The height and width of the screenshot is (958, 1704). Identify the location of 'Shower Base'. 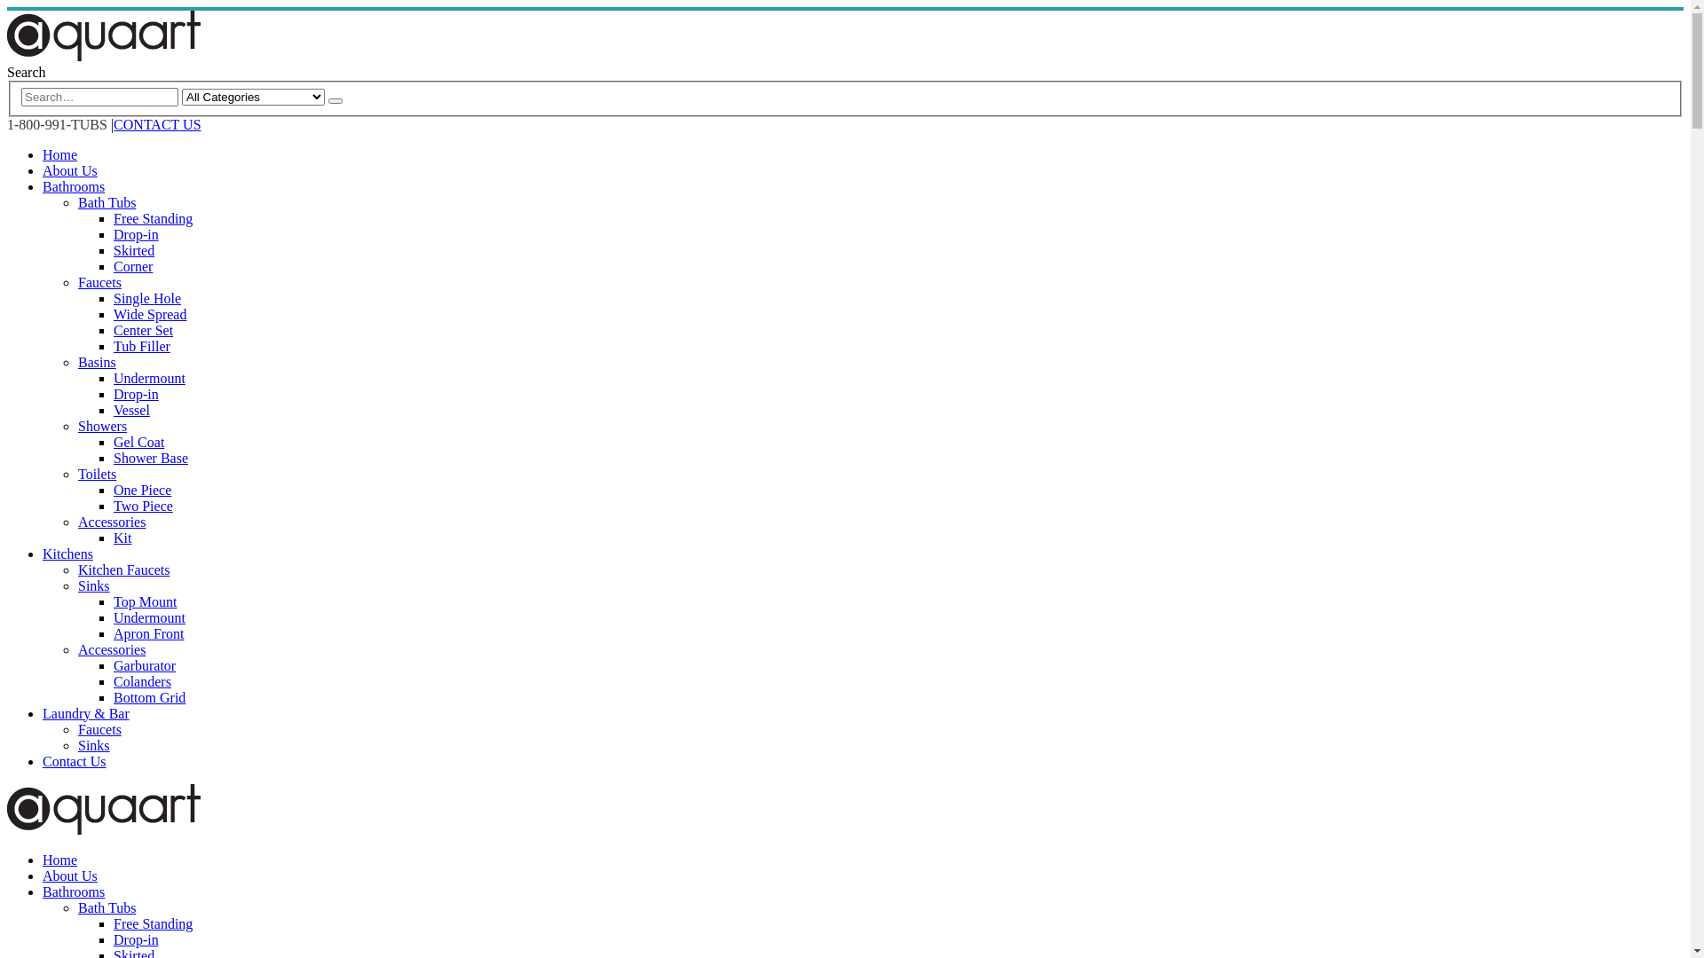
(150, 457).